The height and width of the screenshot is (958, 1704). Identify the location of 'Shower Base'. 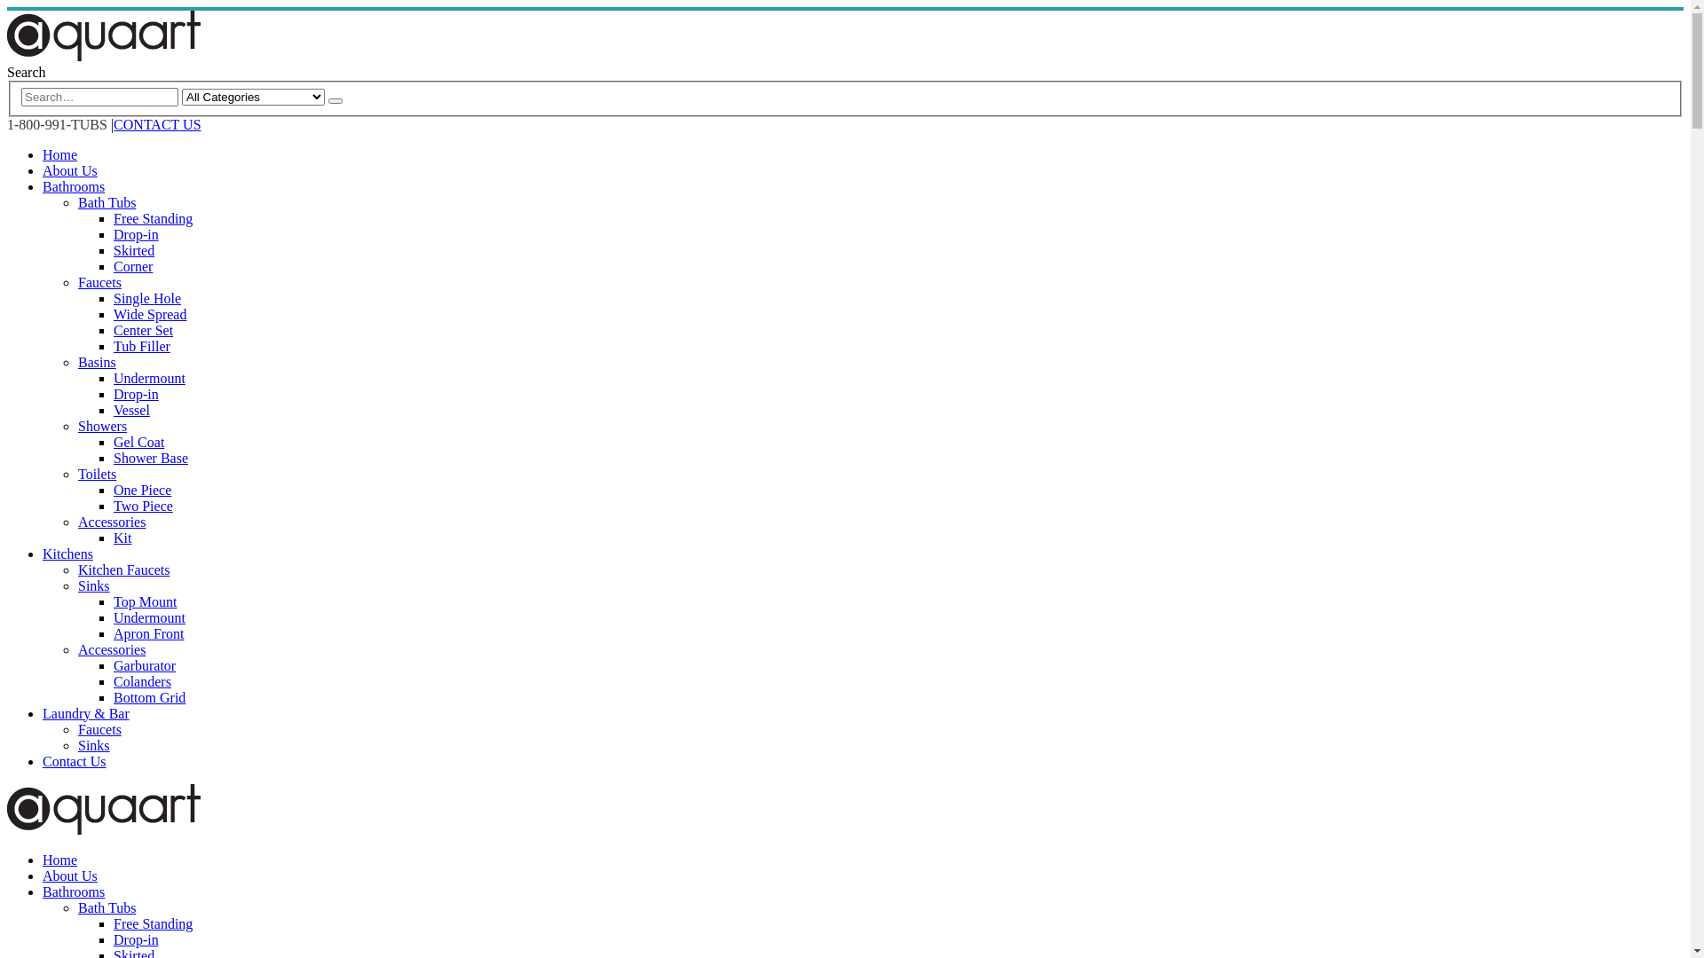
(150, 457).